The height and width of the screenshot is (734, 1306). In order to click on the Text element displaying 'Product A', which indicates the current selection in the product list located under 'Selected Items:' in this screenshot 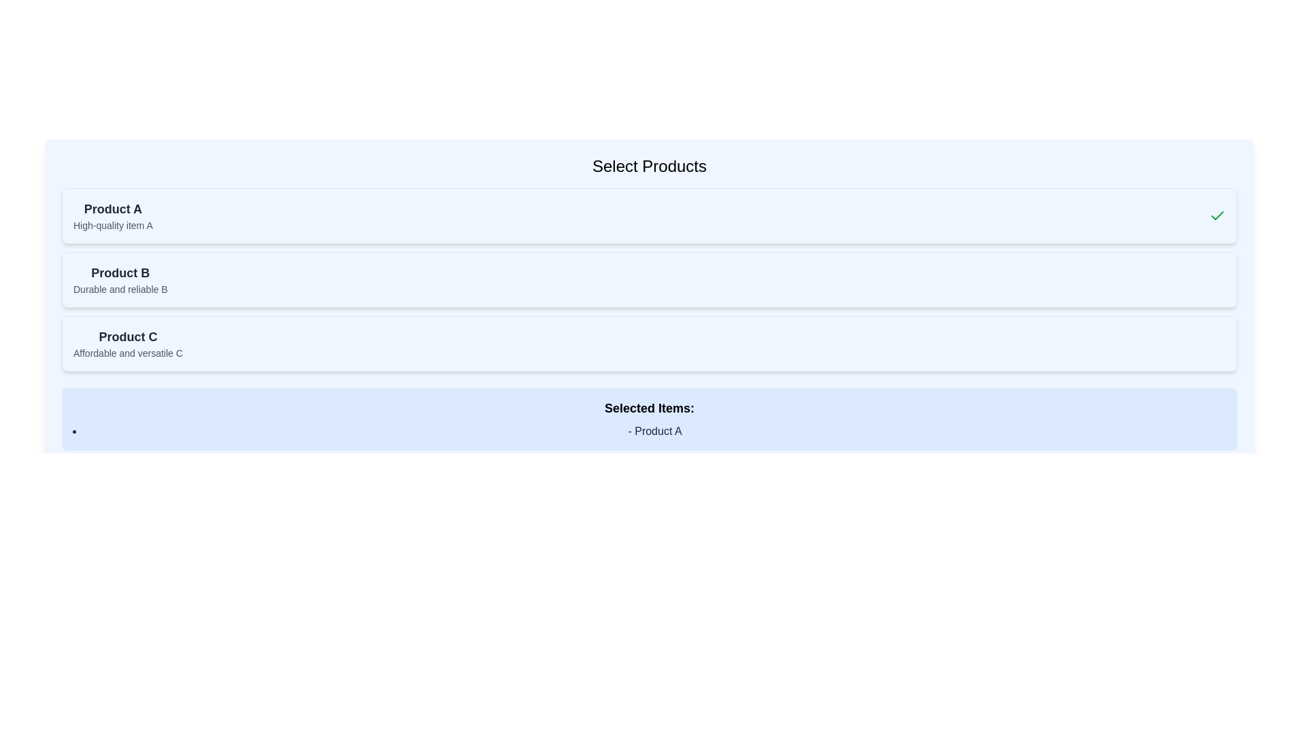, I will do `click(655, 432)`.